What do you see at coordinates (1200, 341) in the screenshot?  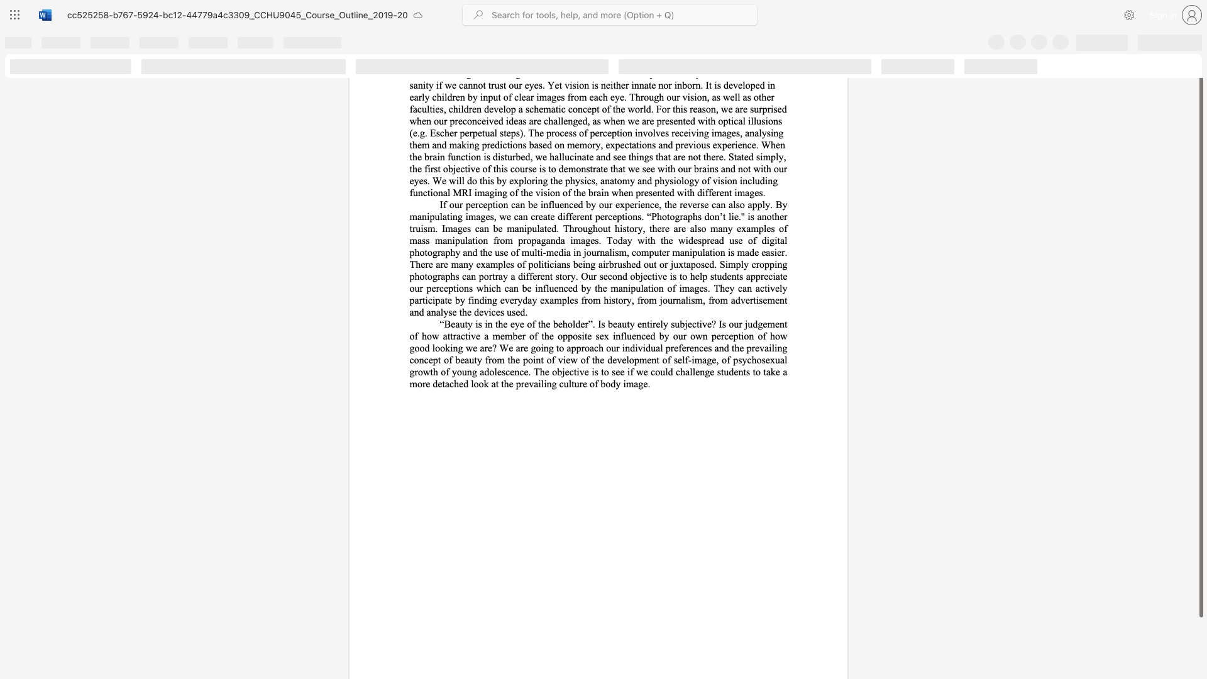 I see `the scrollbar and move down 10 pixels` at bounding box center [1200, 341].